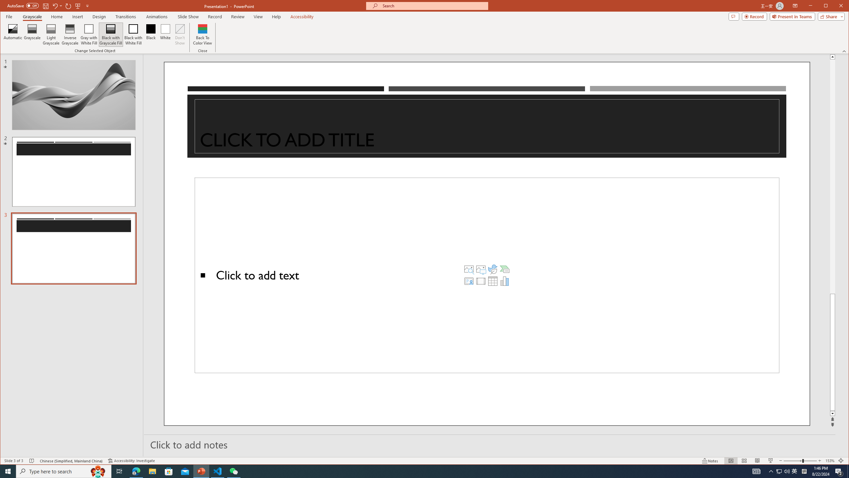  Describe the element at coordinates (119, 471) in the screenshot. I see `'Task View'` at that location.